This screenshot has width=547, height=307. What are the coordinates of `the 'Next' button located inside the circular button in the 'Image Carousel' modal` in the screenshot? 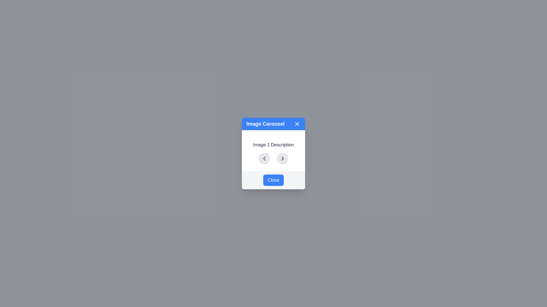 It's located at (283, 159).